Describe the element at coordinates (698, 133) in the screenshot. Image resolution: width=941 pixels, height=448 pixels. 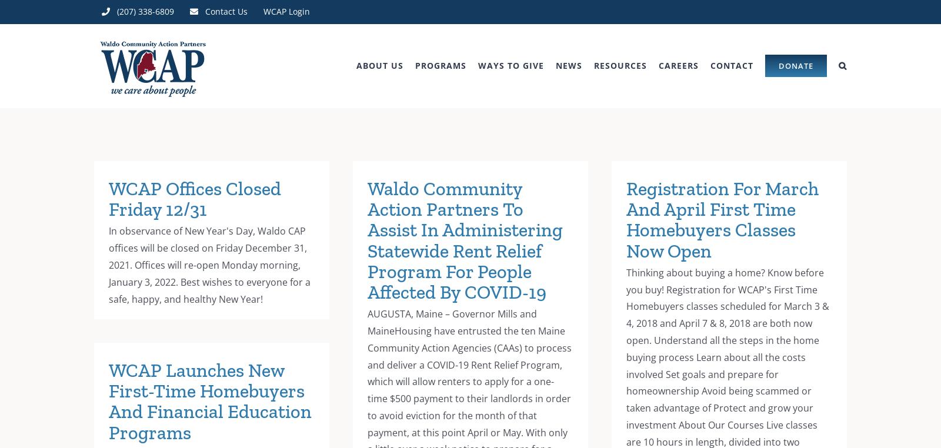
I see `'Employment Opportunities'` at that location.